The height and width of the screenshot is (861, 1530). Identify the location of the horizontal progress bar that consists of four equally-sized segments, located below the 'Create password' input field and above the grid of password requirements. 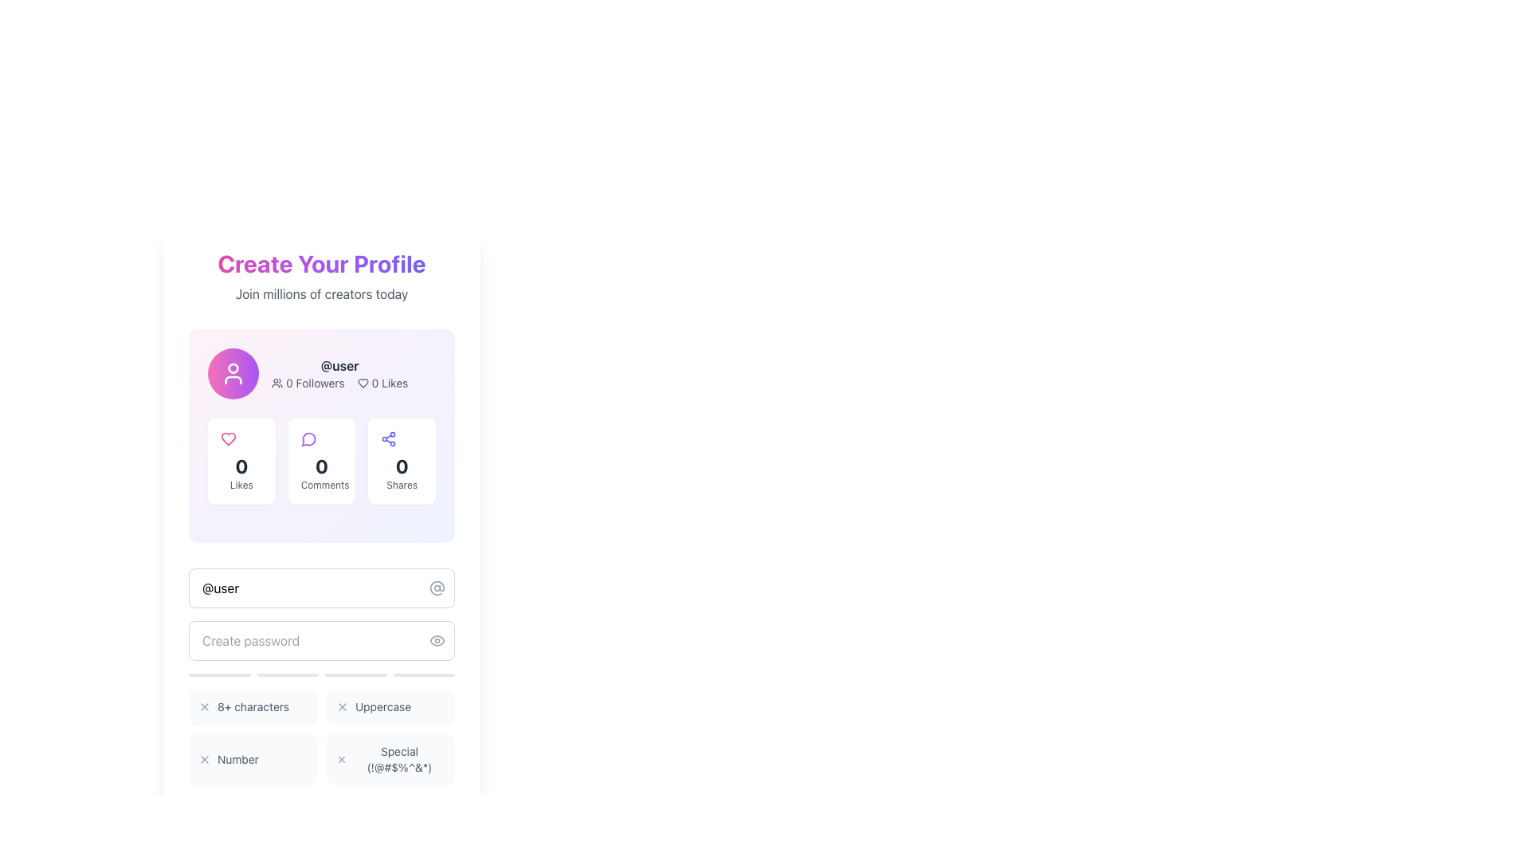
(320, 675).